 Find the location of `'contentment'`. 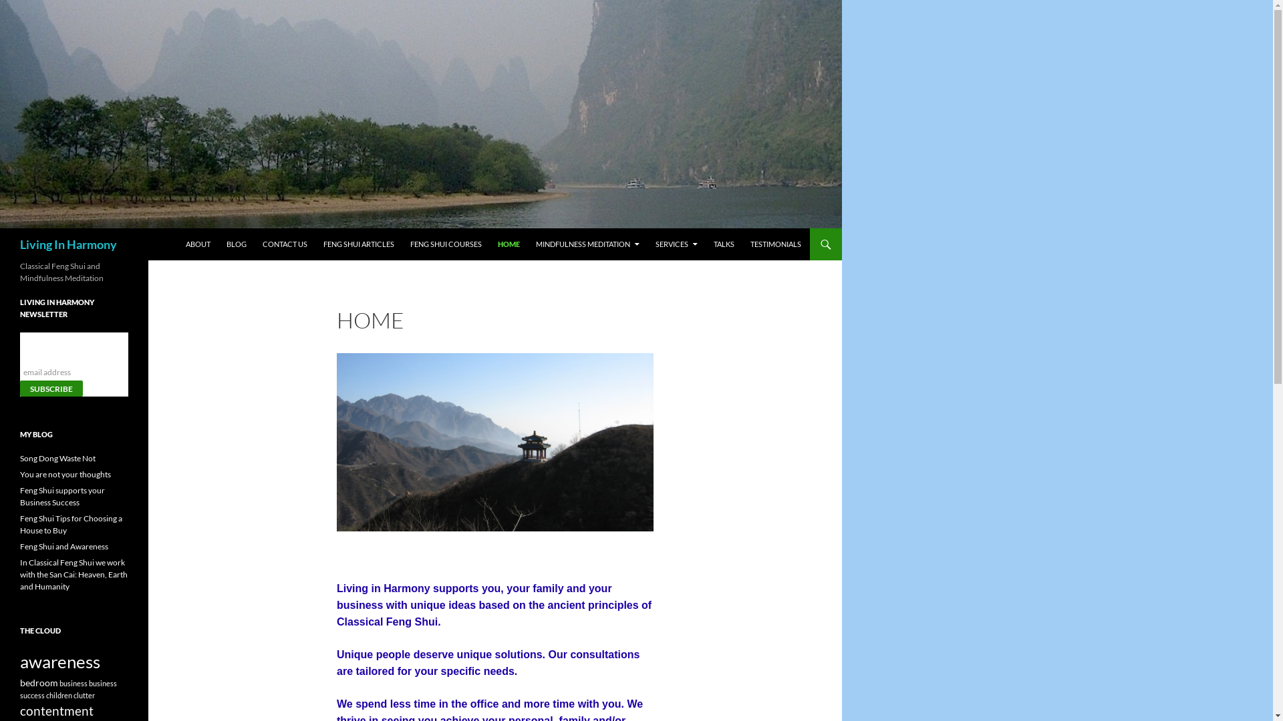

'contentment' is located at coordinates (56, 710).